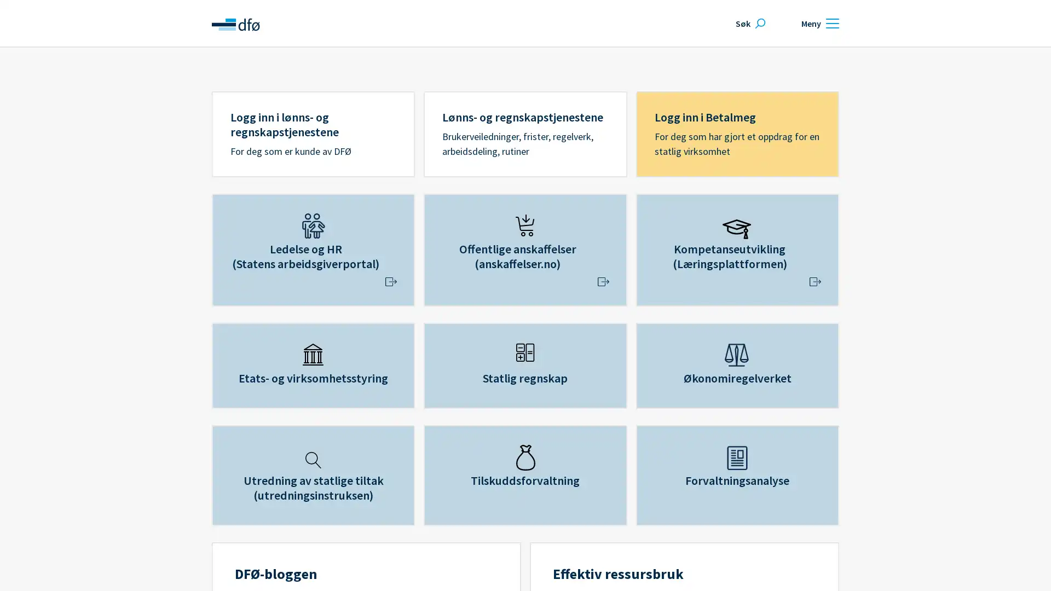 The width and height of the screenshot is (1051, 591). Describe the element at coordinates (748, 23) in the screenshot. I see `Sk` at that location.